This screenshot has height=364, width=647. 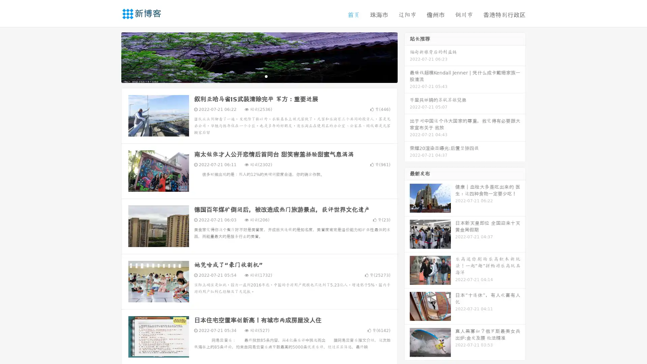 I want to click on Previous slide, so click(x=111, y=57).